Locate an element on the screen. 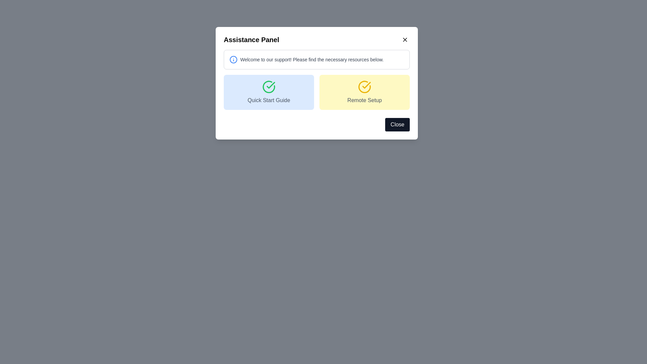  the visual cue provided by the checkmark icon, which indicates completion or confirmation within the interactive component in the modal interface is located at coordinates (366, 85).